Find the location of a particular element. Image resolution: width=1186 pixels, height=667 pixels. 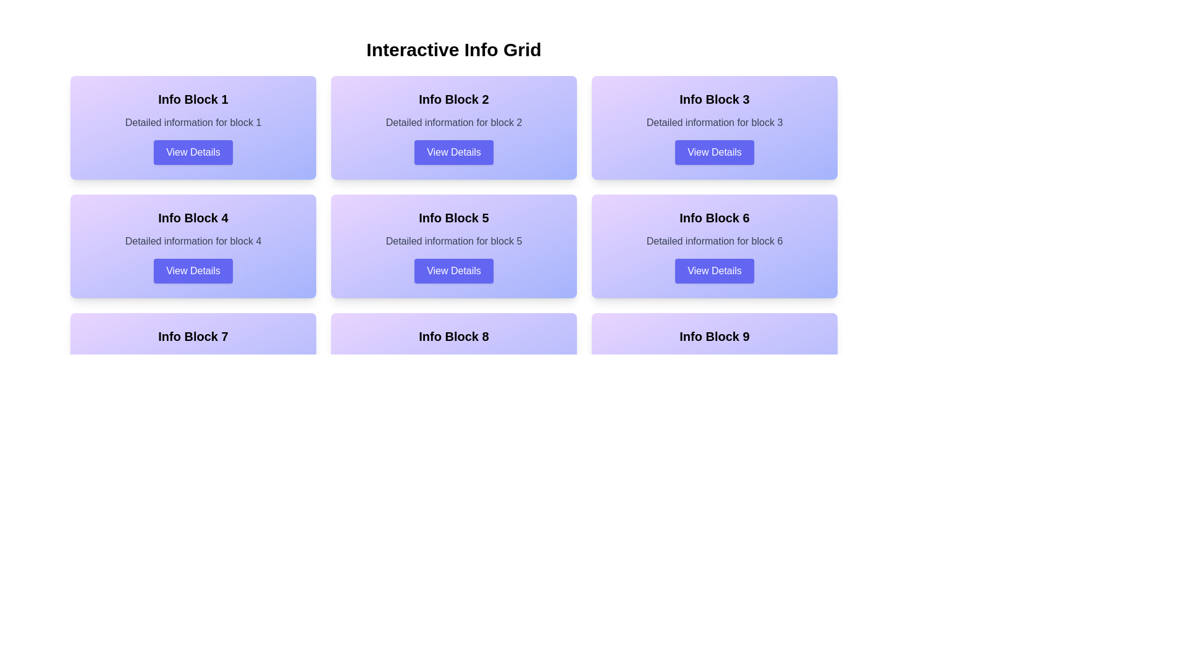

the static text label reading 'Detailed information for block 7', which is styled in gray and located below the 'Info Block 7' title within the purple-gradient card is located at coordinates (192, 359).